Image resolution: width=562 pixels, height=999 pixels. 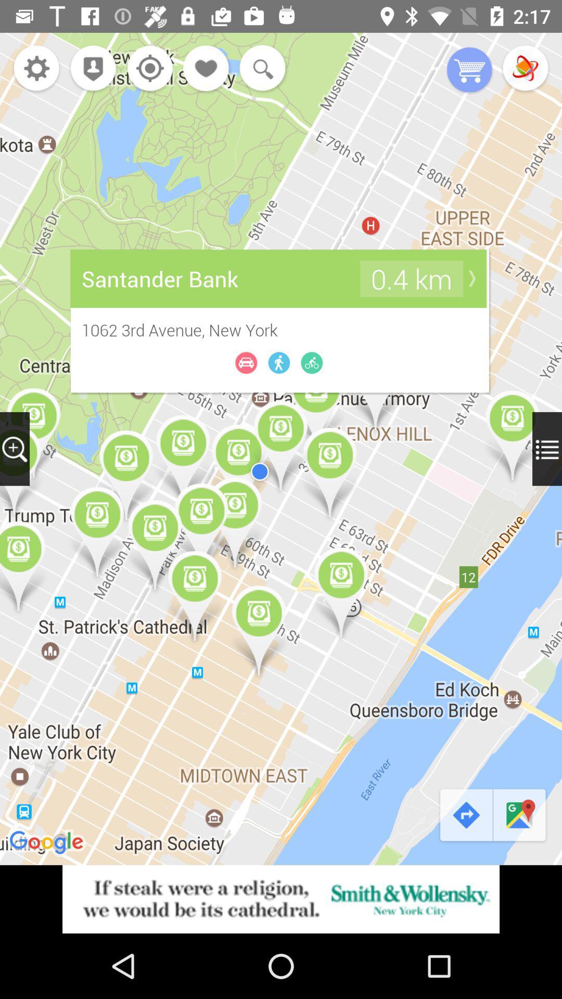 What do you see at coordinates (147, 69) in the screenshot?
I see `navigate my location button` at bounding box center [147, 69].